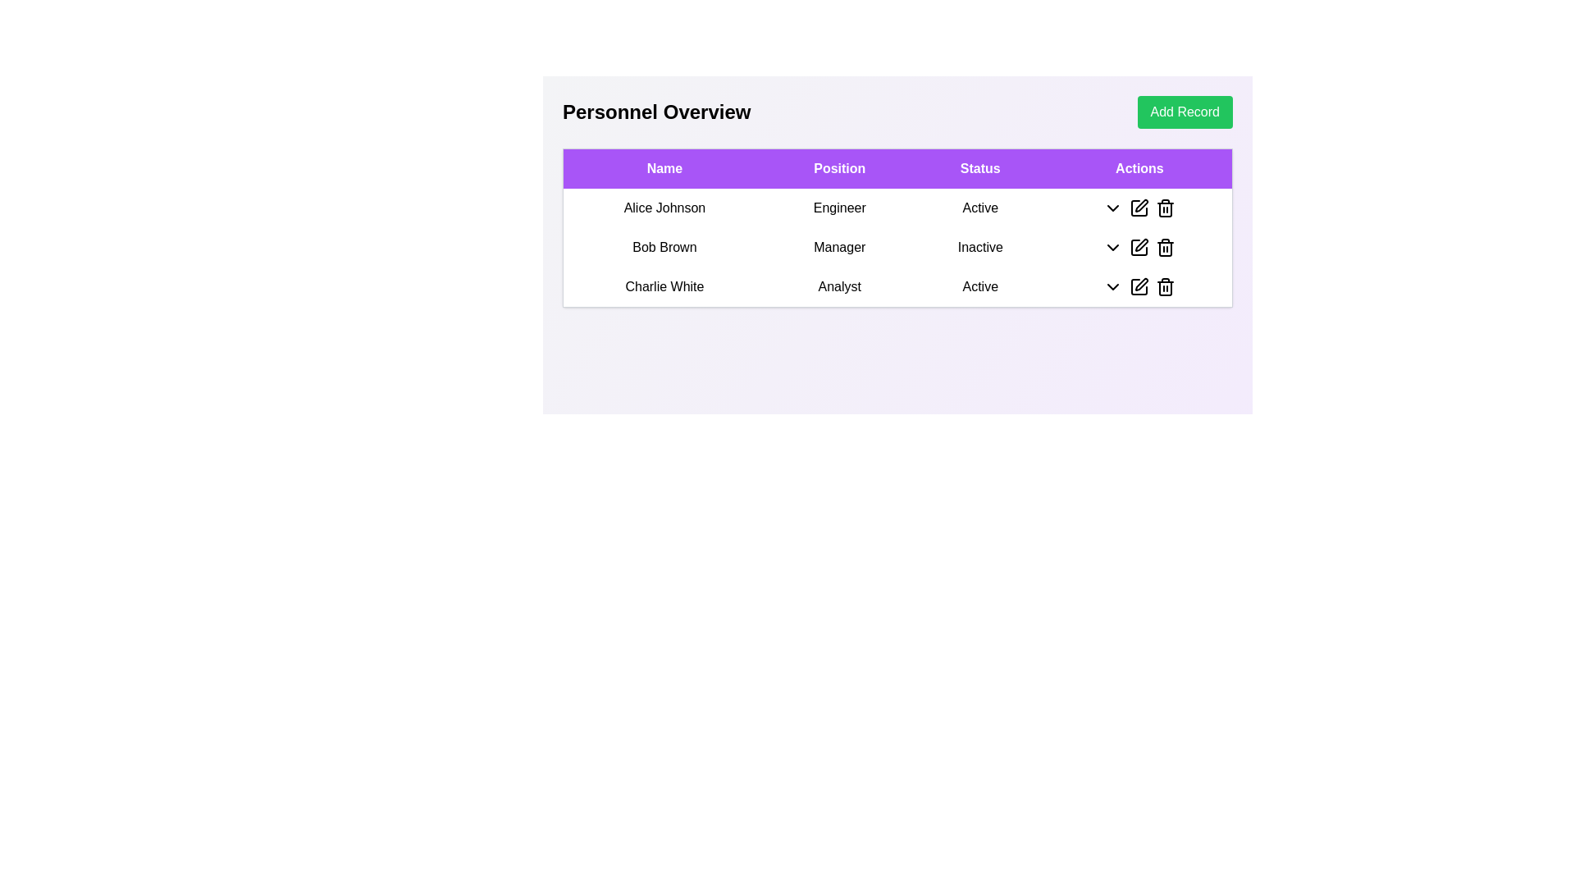 This screenshot has height=886, width=1575. I want to click on the Edit icon in the last row of the 'Actions' column, so click(1141, 284).